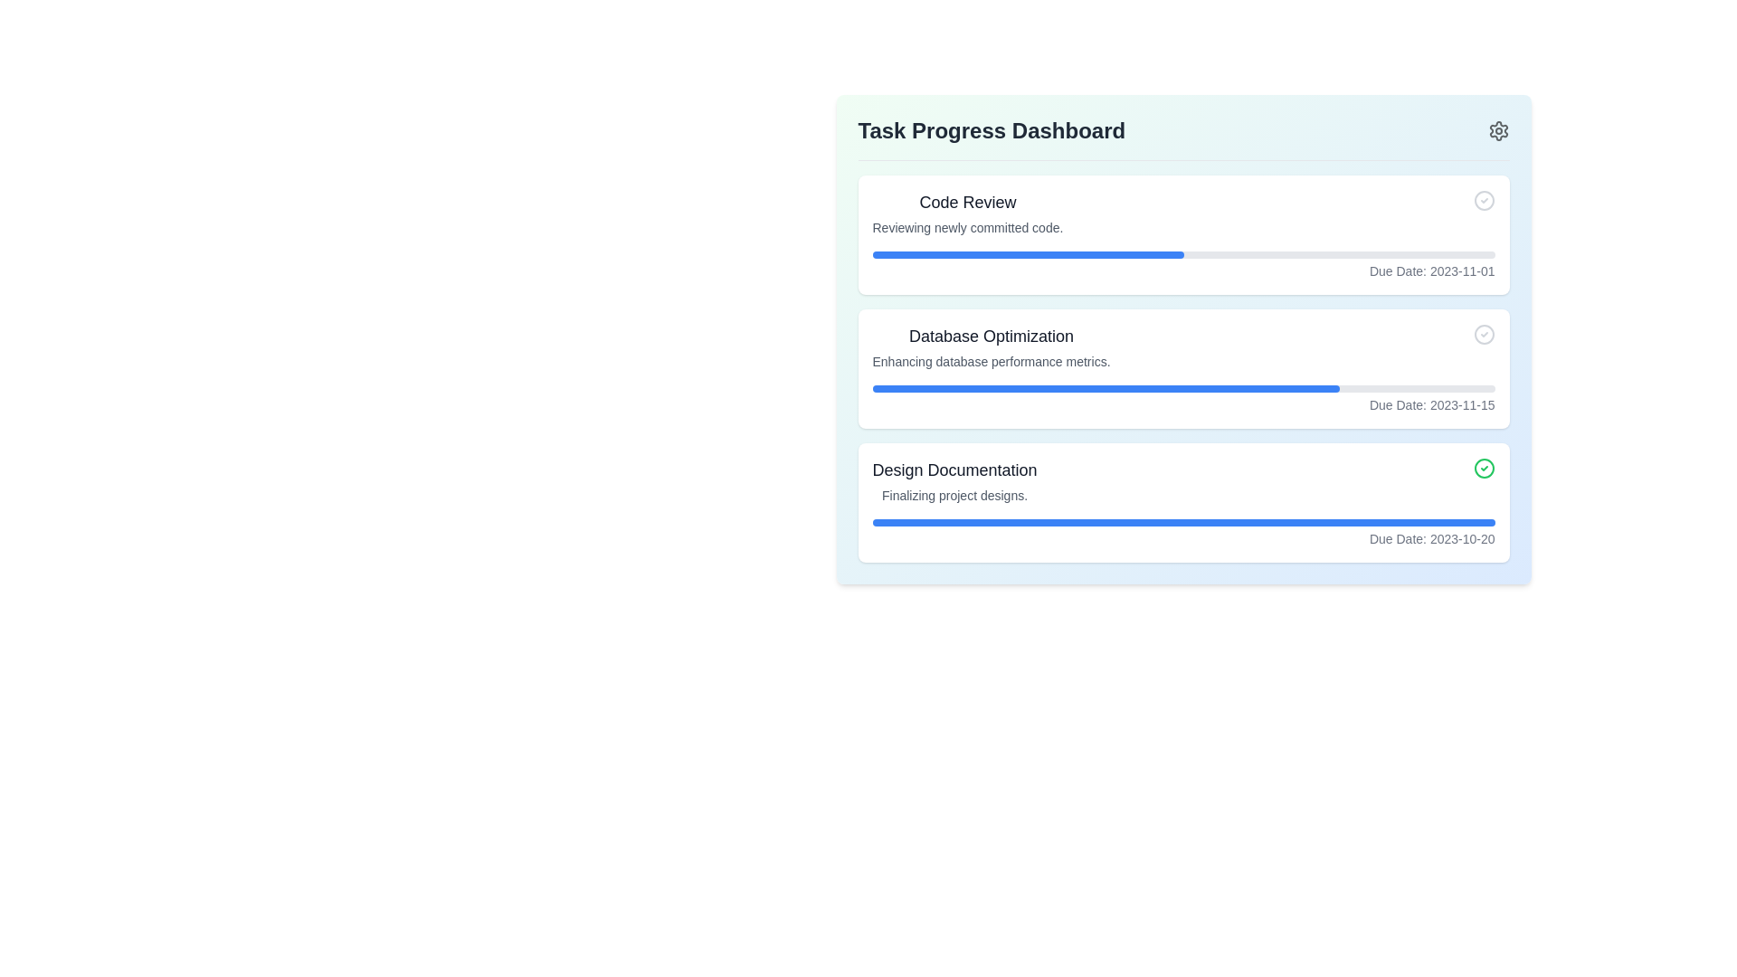 The width and height of the screenshot is (1737, 977). Describe the element at coordinates (1105, 387) in the screenshot. I see `the Progress Bar Indicator that visually indicates the 75% completion of the 'Database Optimization' task in the 'Task Progress Dashboard'` at that location.